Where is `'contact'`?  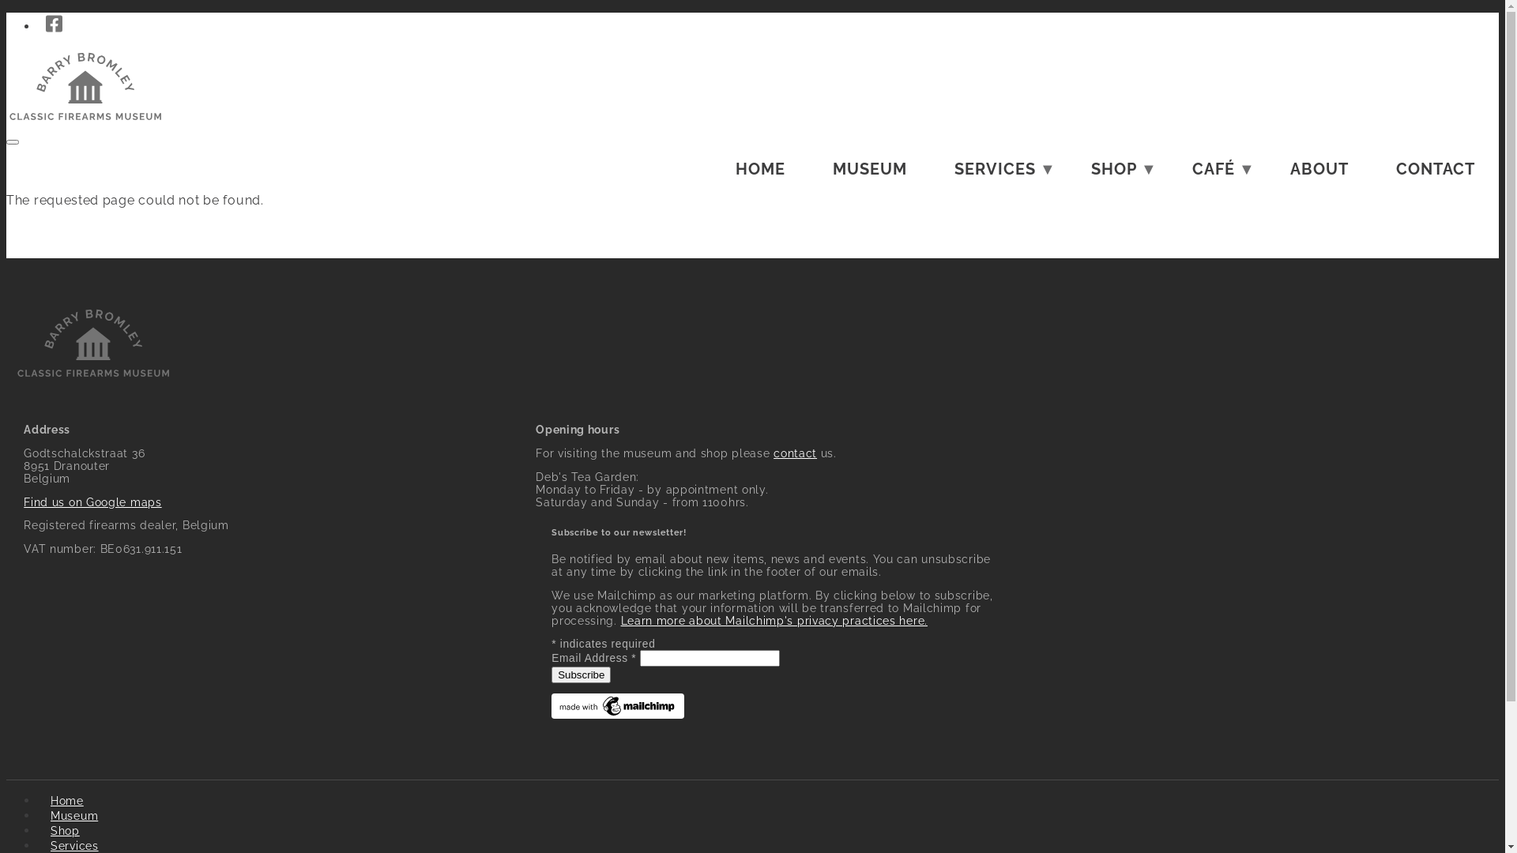
'contact' is located at coordinates (795, 453).